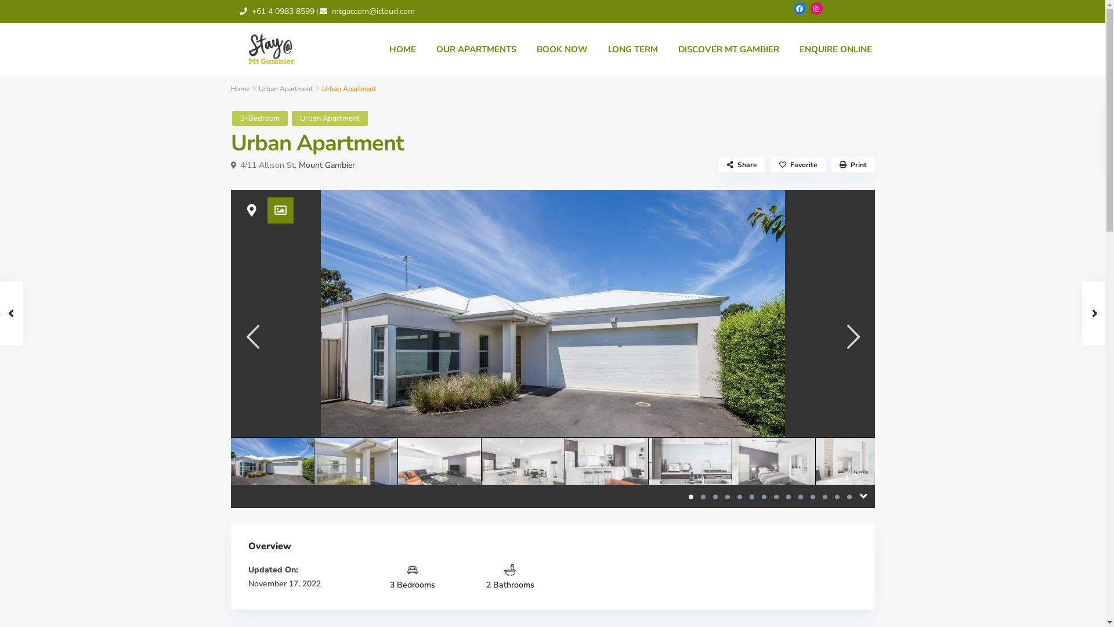  What do you see at coordinates (285, 88) in the screenshot?
I see `'Urban Apartment'` at bounding box center [285, 88].